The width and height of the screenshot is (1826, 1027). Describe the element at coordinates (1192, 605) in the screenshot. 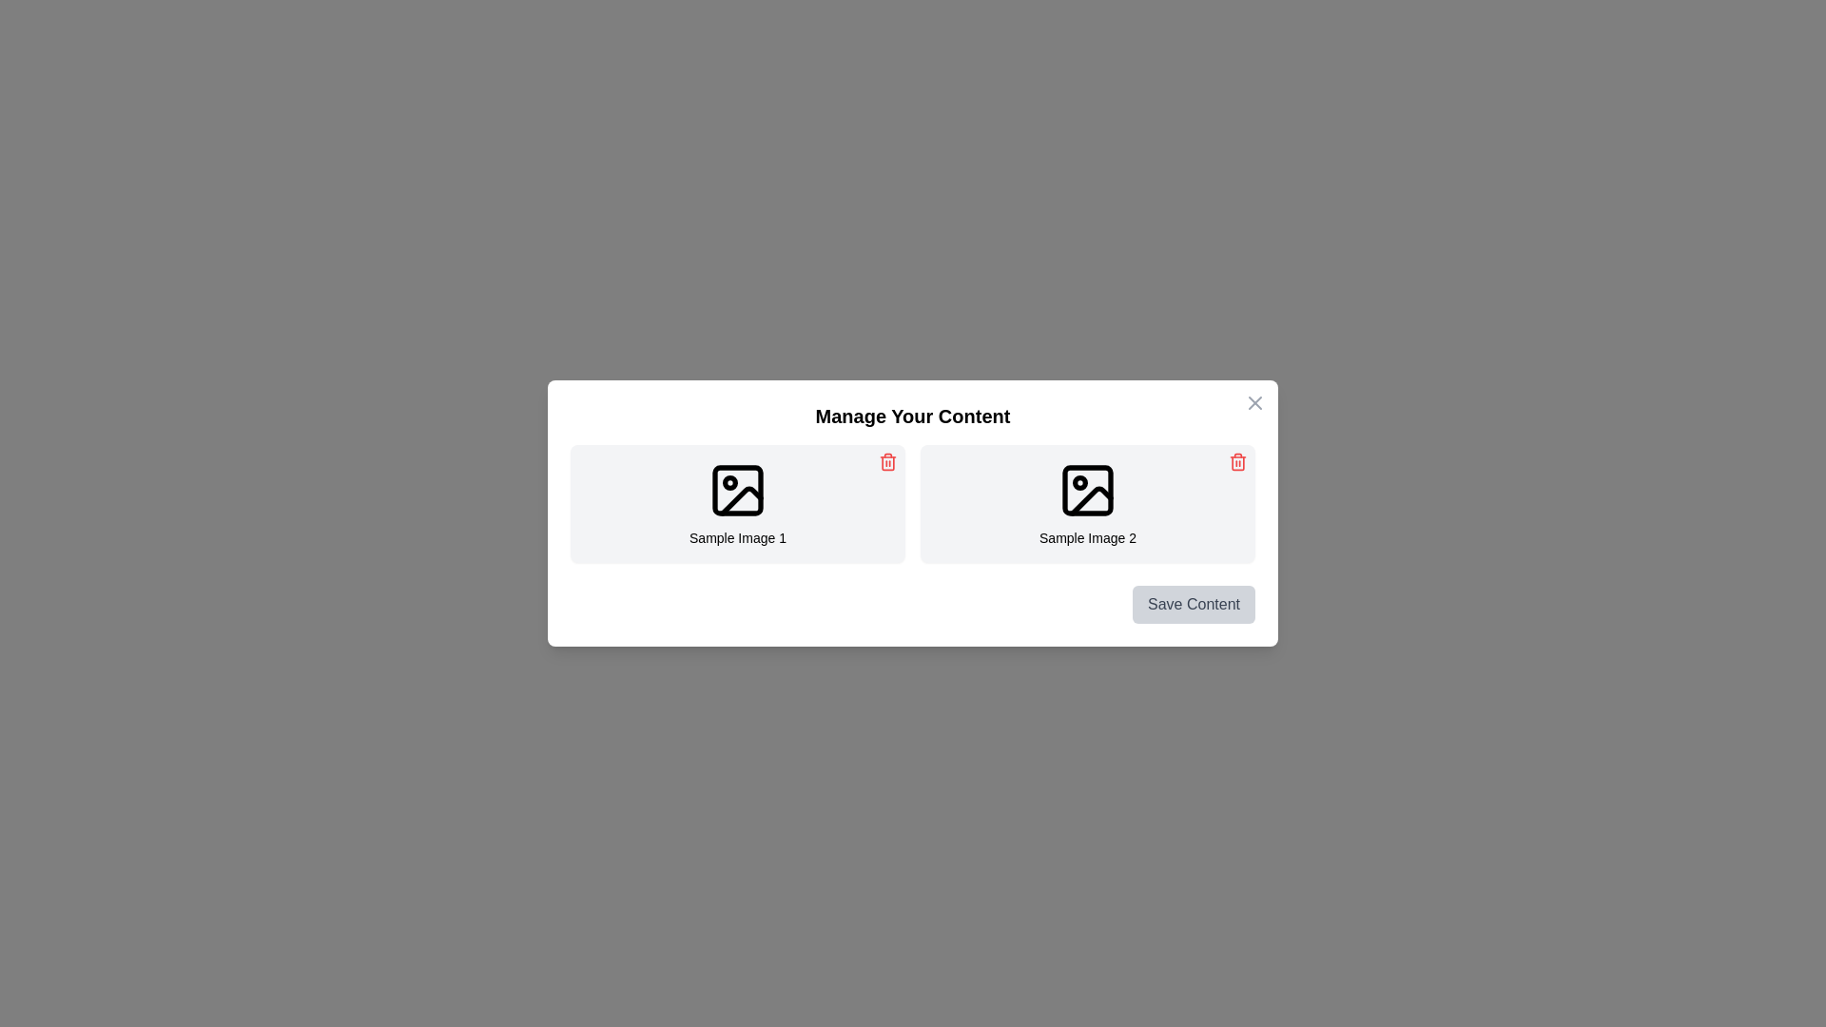

I see `the 'Save Content' button to save the current content` at that location.